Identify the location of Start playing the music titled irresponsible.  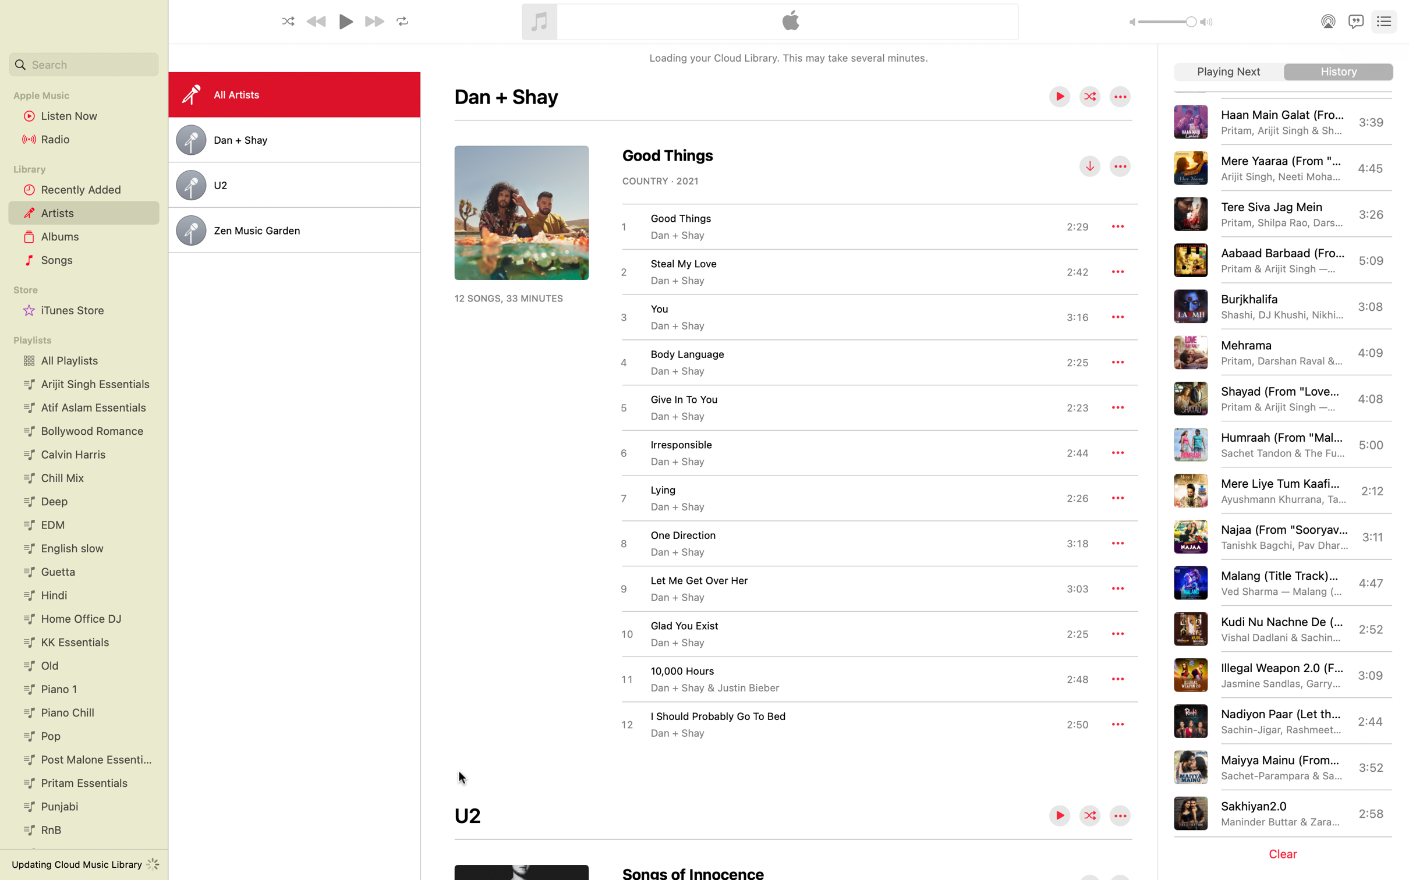
(853, 452).